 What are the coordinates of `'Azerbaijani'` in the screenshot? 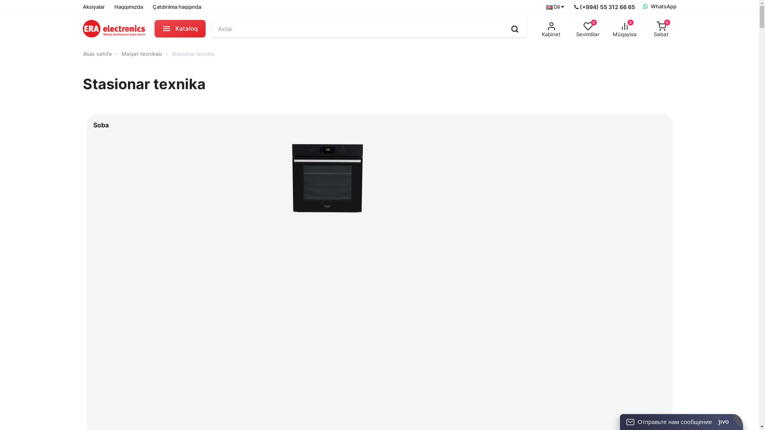 It's located at (545, 7).